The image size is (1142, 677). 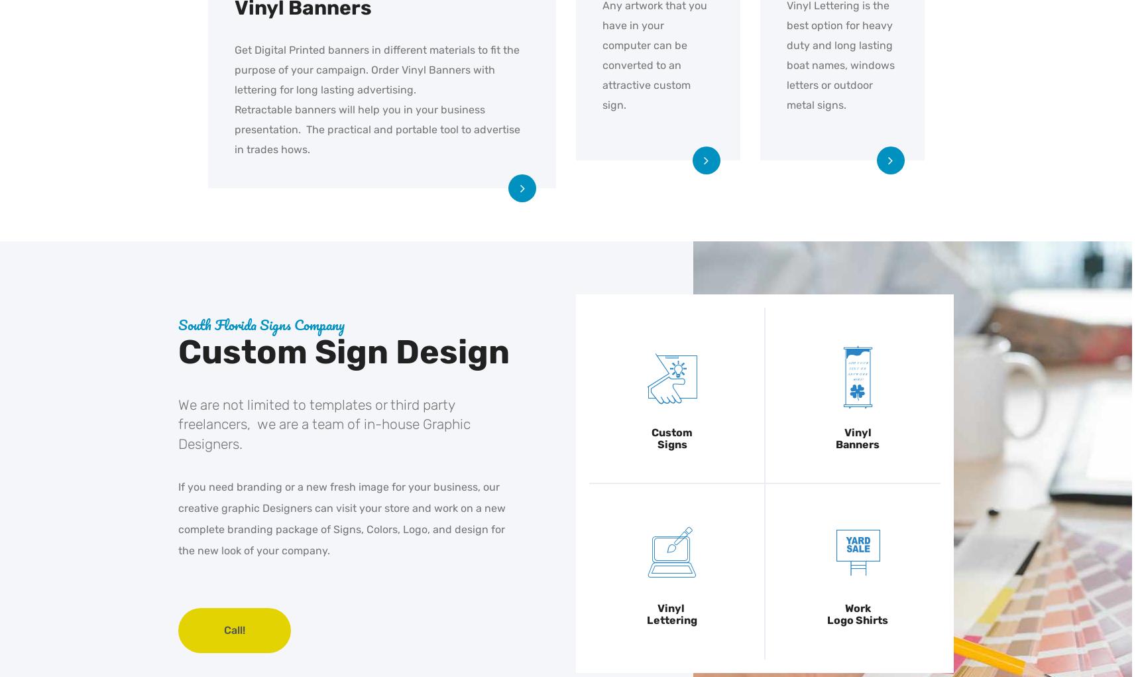 I want to click on 'South Florida Signs Company', so click(x=260, y=323).